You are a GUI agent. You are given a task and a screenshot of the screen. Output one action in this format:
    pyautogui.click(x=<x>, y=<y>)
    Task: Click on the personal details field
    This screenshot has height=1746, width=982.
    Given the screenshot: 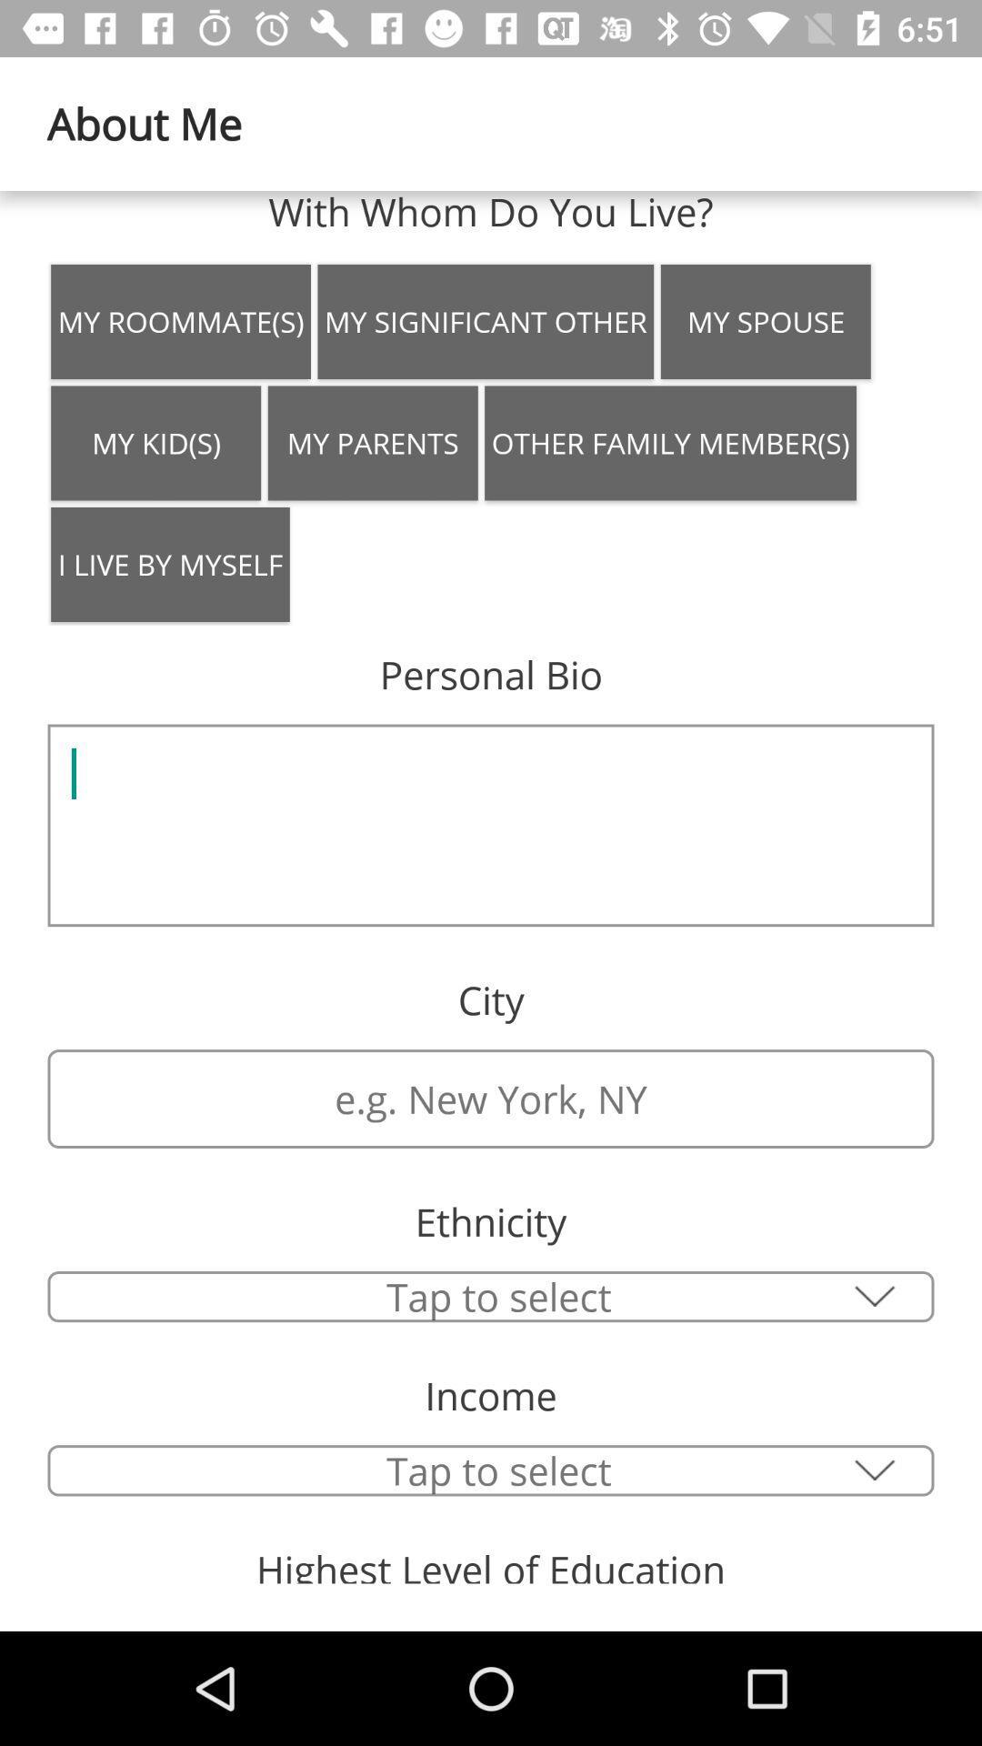 What is the action you would take?
    pyautogui.click(x=491, y=824)
    